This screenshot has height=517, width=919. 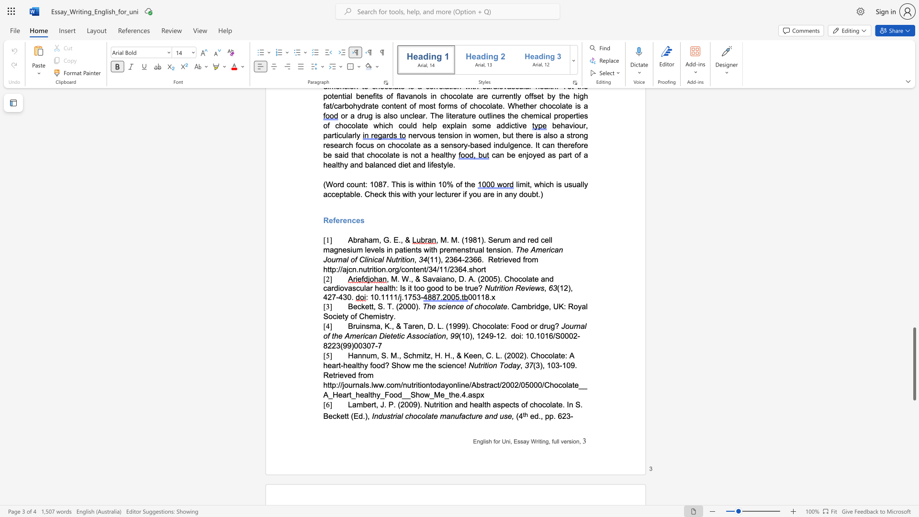 What do you see at coordinates (914, 157) in the screenshot?
I see `the scrollbar` at bounding box center [914, 157].